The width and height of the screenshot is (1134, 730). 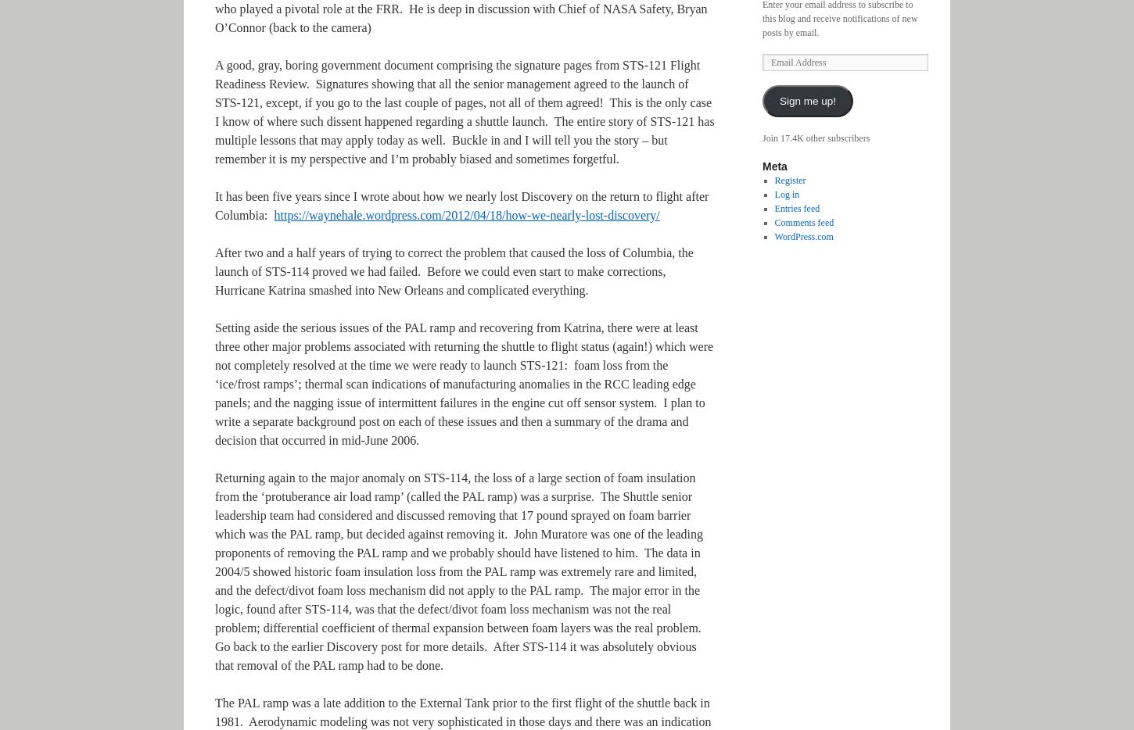 What do you see at coordinates (790, 179) in the screenshot?
I see `'Register'` at bounding box center [790, 179].